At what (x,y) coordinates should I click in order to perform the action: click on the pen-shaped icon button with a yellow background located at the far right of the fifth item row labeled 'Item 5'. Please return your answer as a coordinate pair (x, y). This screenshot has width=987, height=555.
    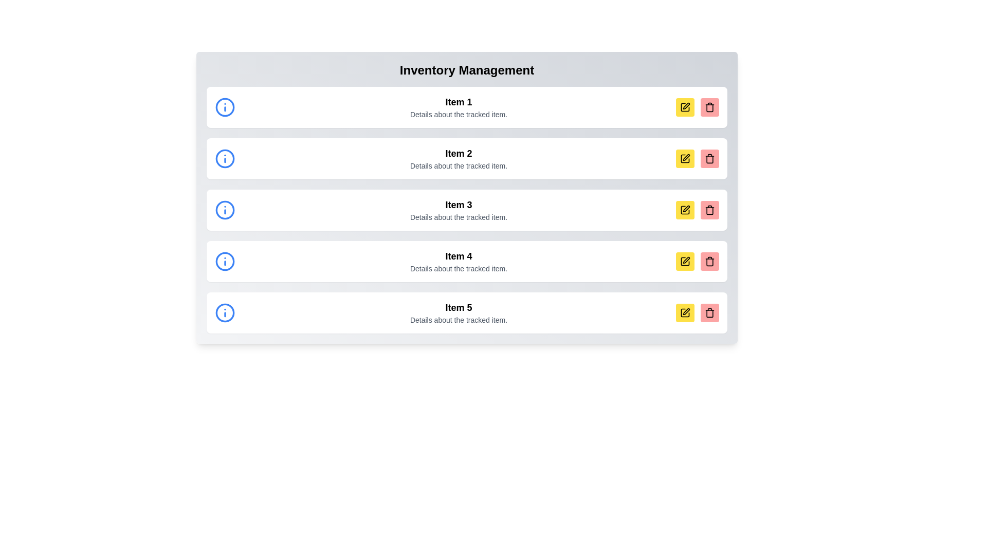
    Looking at the image, I should click on (686, 311).